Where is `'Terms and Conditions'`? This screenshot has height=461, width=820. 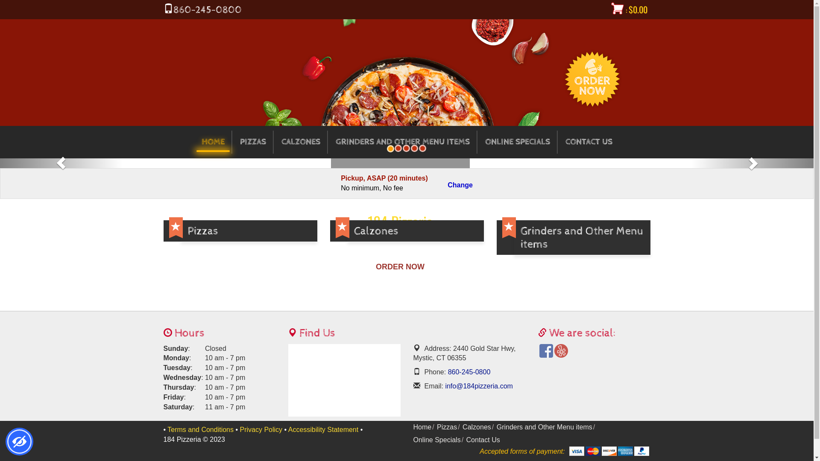 'Terms and Conditions' is located at coordinates (200, 429).